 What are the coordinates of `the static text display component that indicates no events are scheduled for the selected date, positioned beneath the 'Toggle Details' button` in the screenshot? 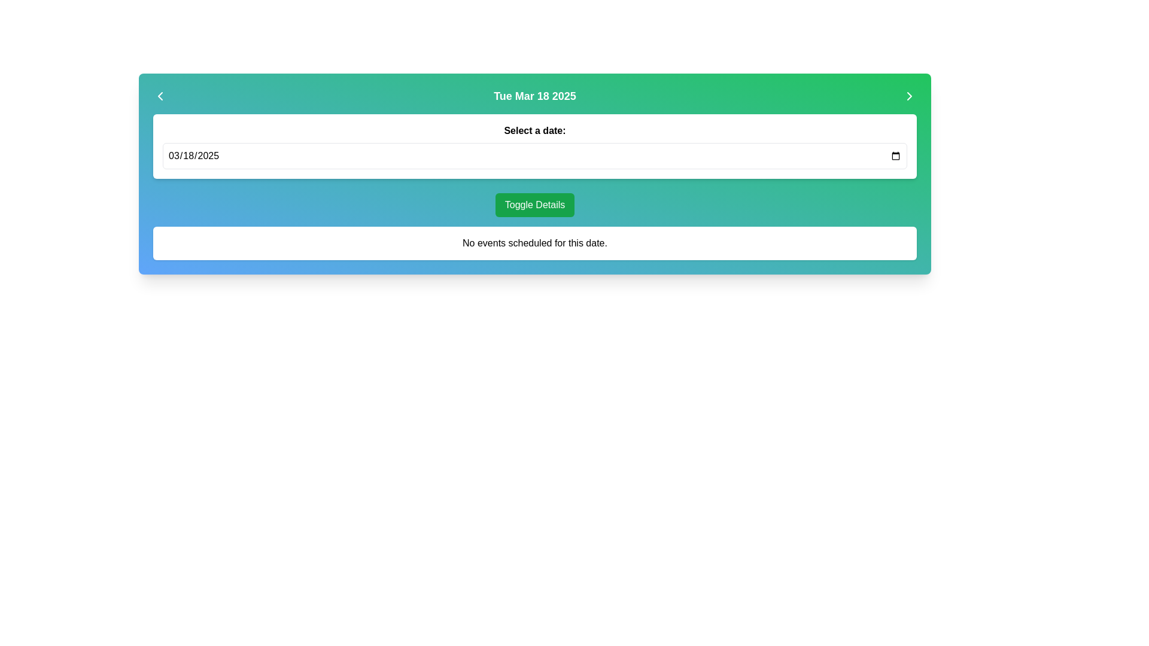 It's located at (534, 243).